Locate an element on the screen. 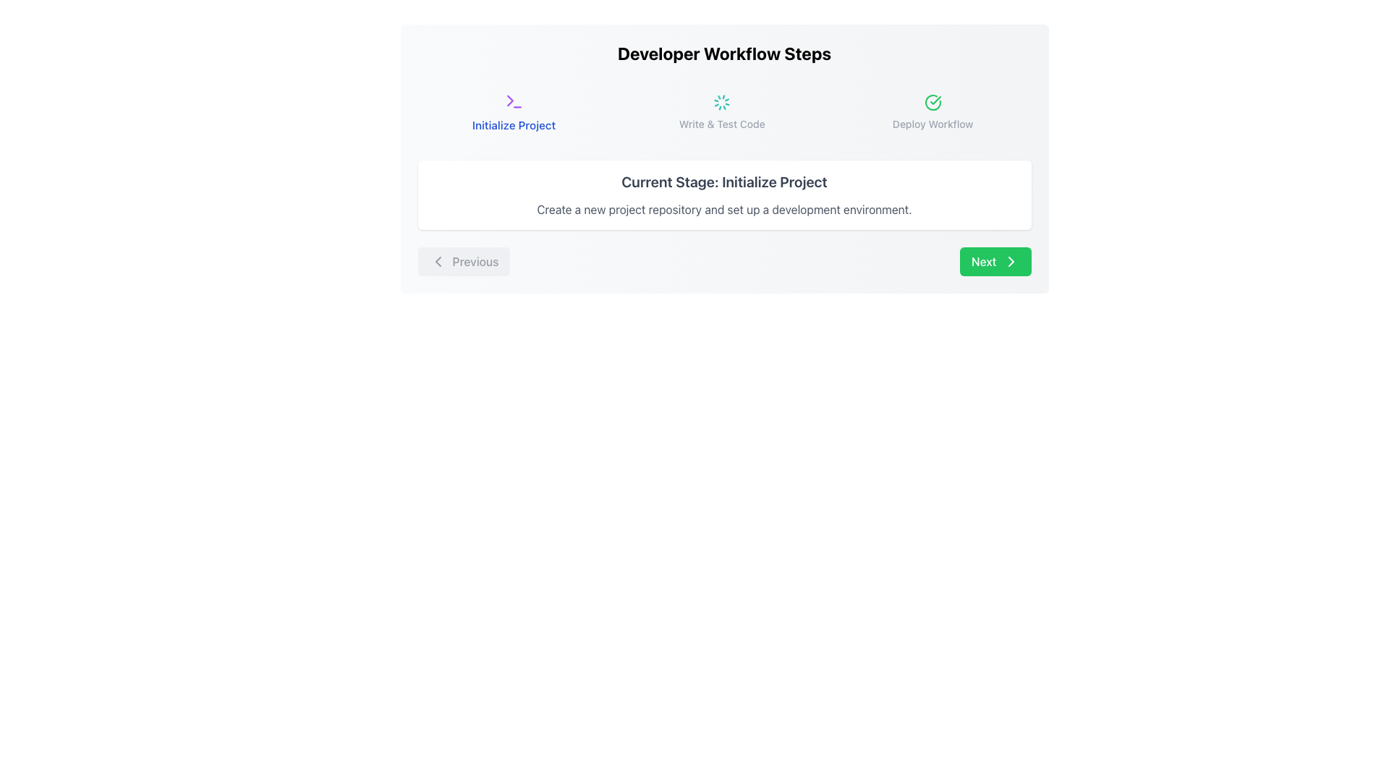 The width and height of the screenshot is (1389, 781). the text heading that displays 'Developer Workflow Steps' in bold and large font at the top of the card-like interface module is located at coordinates (724, 52).